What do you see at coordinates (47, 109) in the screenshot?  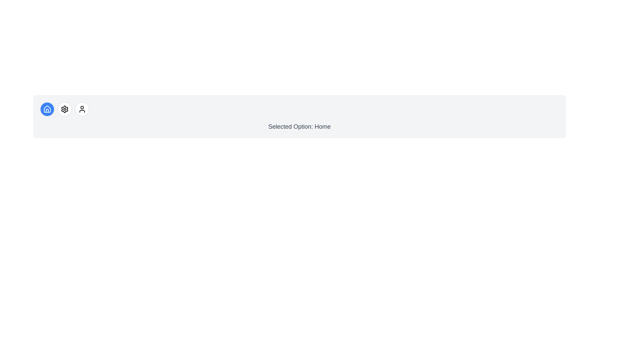 I see `the icon button corresponding to home` at bounding box center [47, 109].